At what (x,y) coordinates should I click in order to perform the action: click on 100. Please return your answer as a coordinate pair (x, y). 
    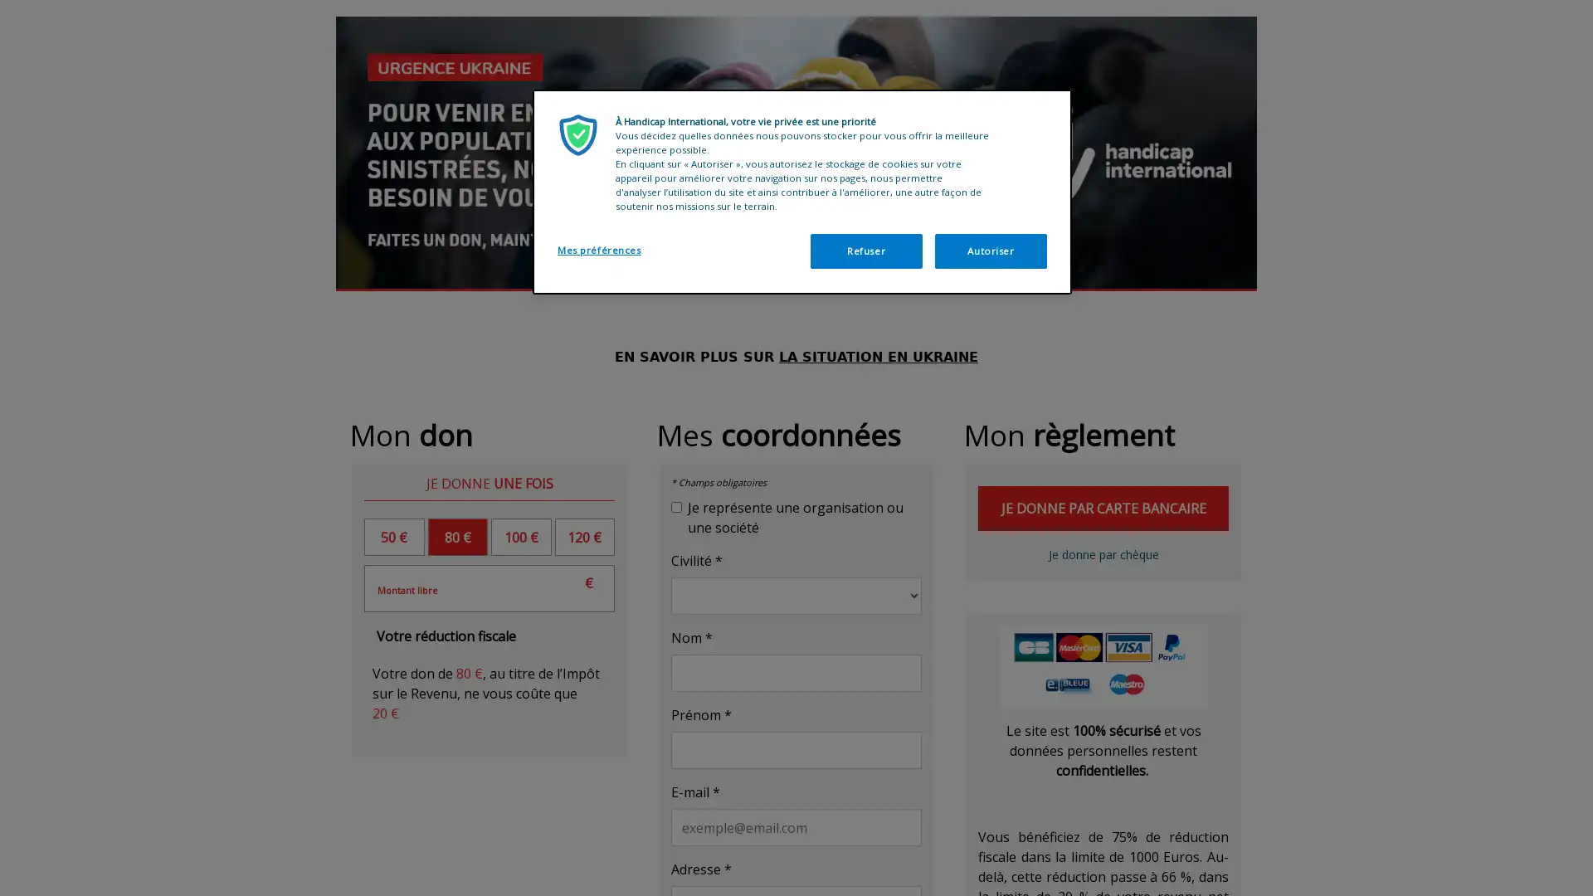
    Looking at the image, I should click on (520, 537).